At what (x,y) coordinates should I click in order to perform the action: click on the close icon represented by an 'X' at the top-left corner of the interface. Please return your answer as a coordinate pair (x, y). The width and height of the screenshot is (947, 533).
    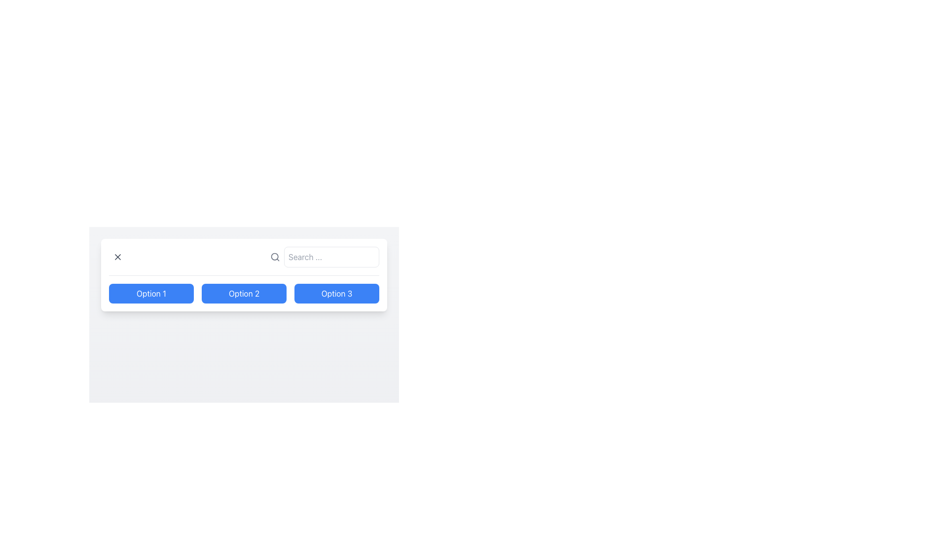
    Looking at the image, I should click on (118, 256).